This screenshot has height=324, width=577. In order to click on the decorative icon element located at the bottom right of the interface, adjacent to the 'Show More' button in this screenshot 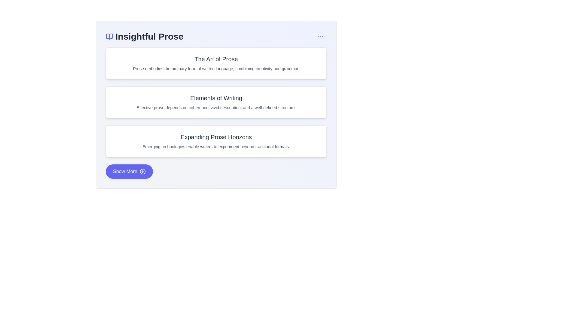, I will do `click(142, 171)`.